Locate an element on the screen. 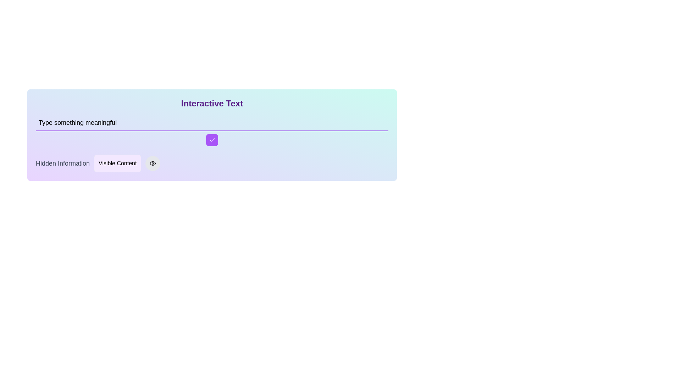 The height and width of the screenshot is (383, 681). text from the Text Label that contains 'Hidden Information', which is styled prominently in bold dark gray font on a pale purple background, located in the lower-left area of the interface is located at coordinates (63, 163).